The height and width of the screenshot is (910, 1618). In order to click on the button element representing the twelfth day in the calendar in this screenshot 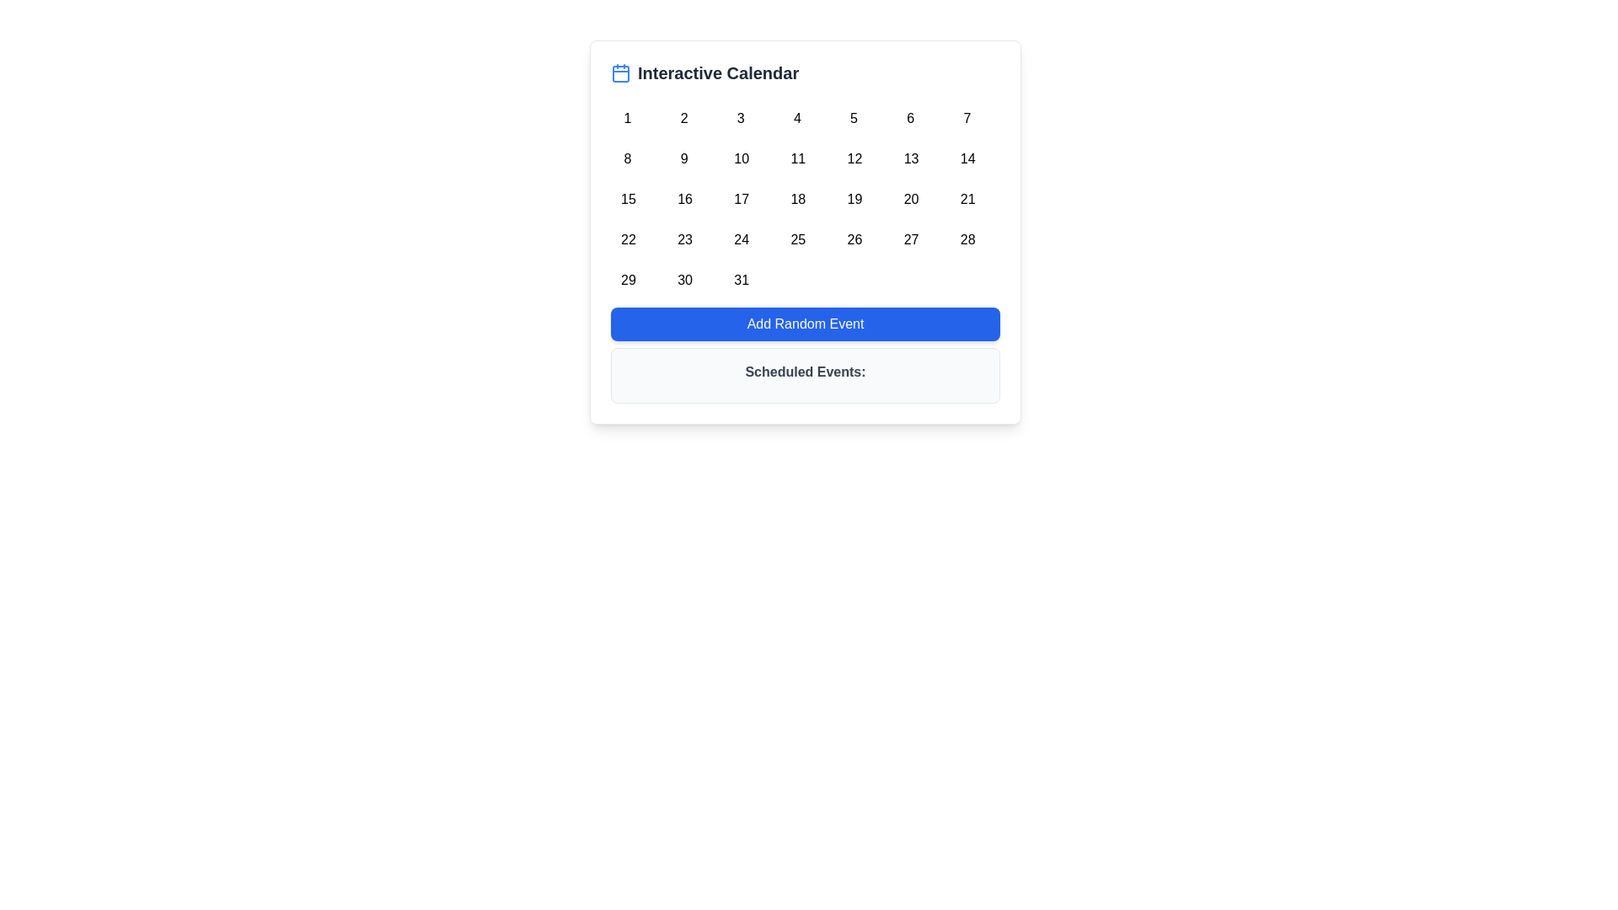, I will do `click(854, 156)`.